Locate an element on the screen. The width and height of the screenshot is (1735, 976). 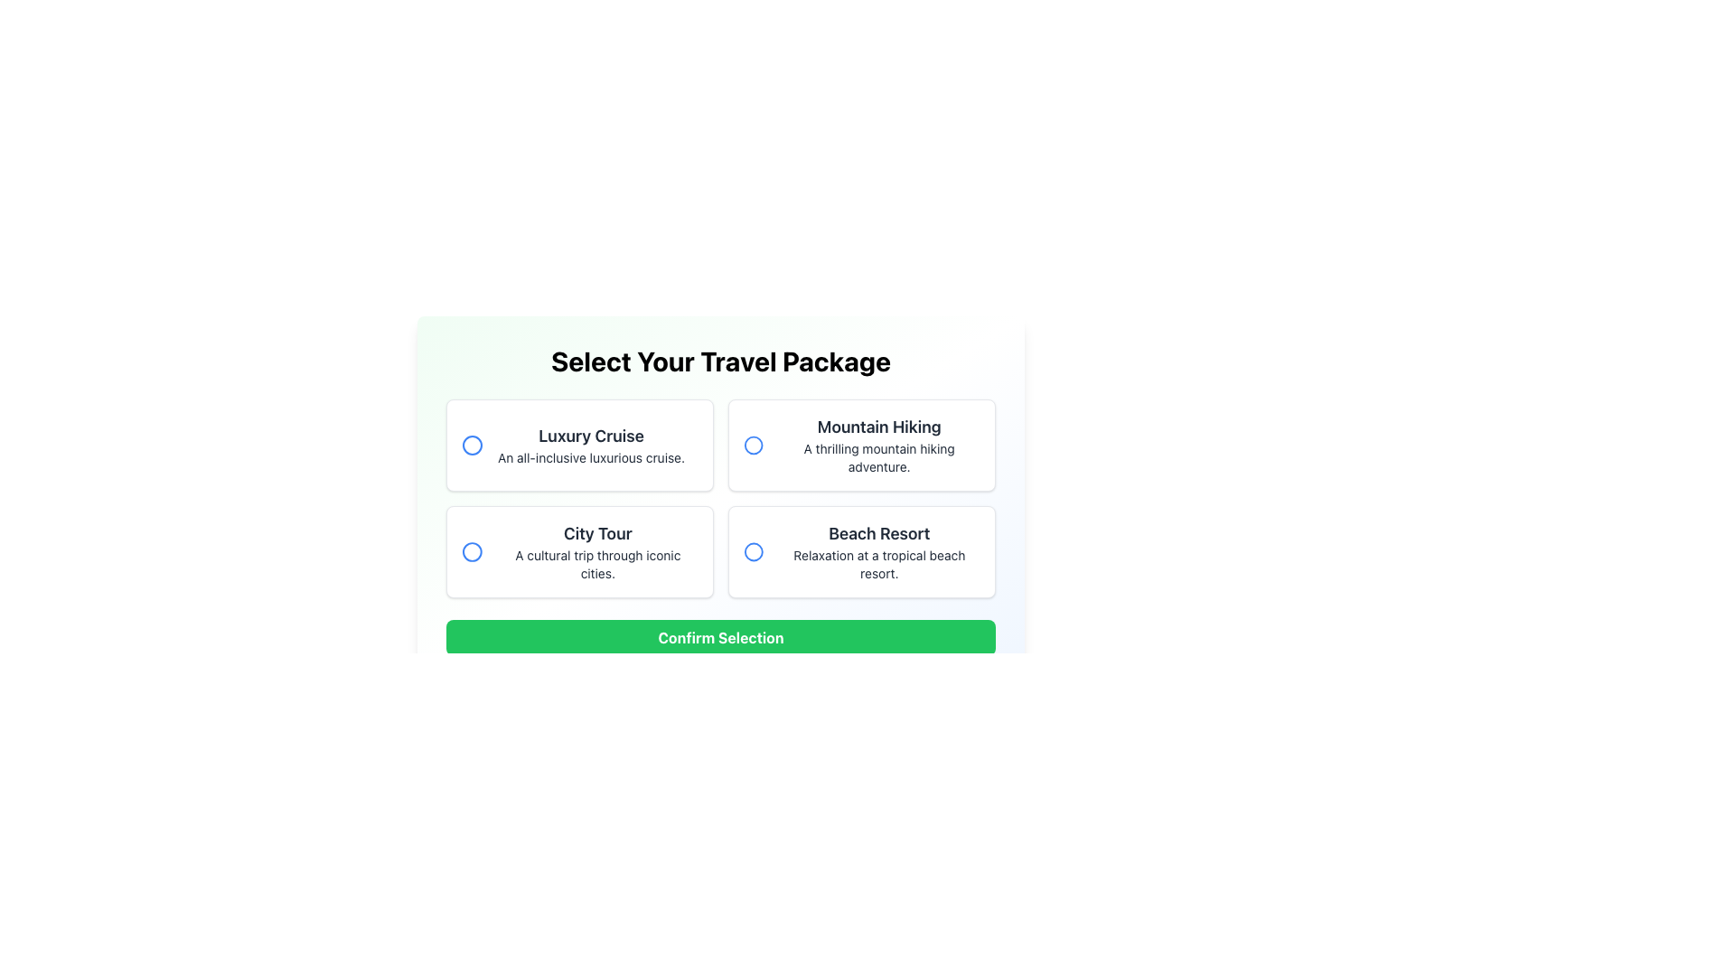
the blue circular radio button located at the top-left of the 'Beach Resort' card is located at coordinates (754, 550).